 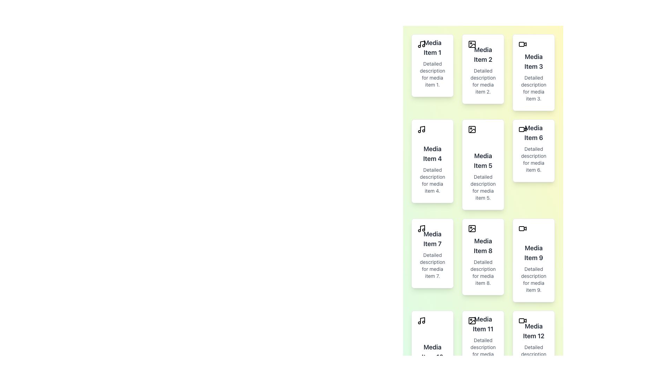 What do you see at coordinates (472, 129) in the screenshot?
I see `the icon resembling an image frame with a mountain and a sun, located at the top-left corner inside the card representing 'Media Item 5'` at bounding box center [472, 129].